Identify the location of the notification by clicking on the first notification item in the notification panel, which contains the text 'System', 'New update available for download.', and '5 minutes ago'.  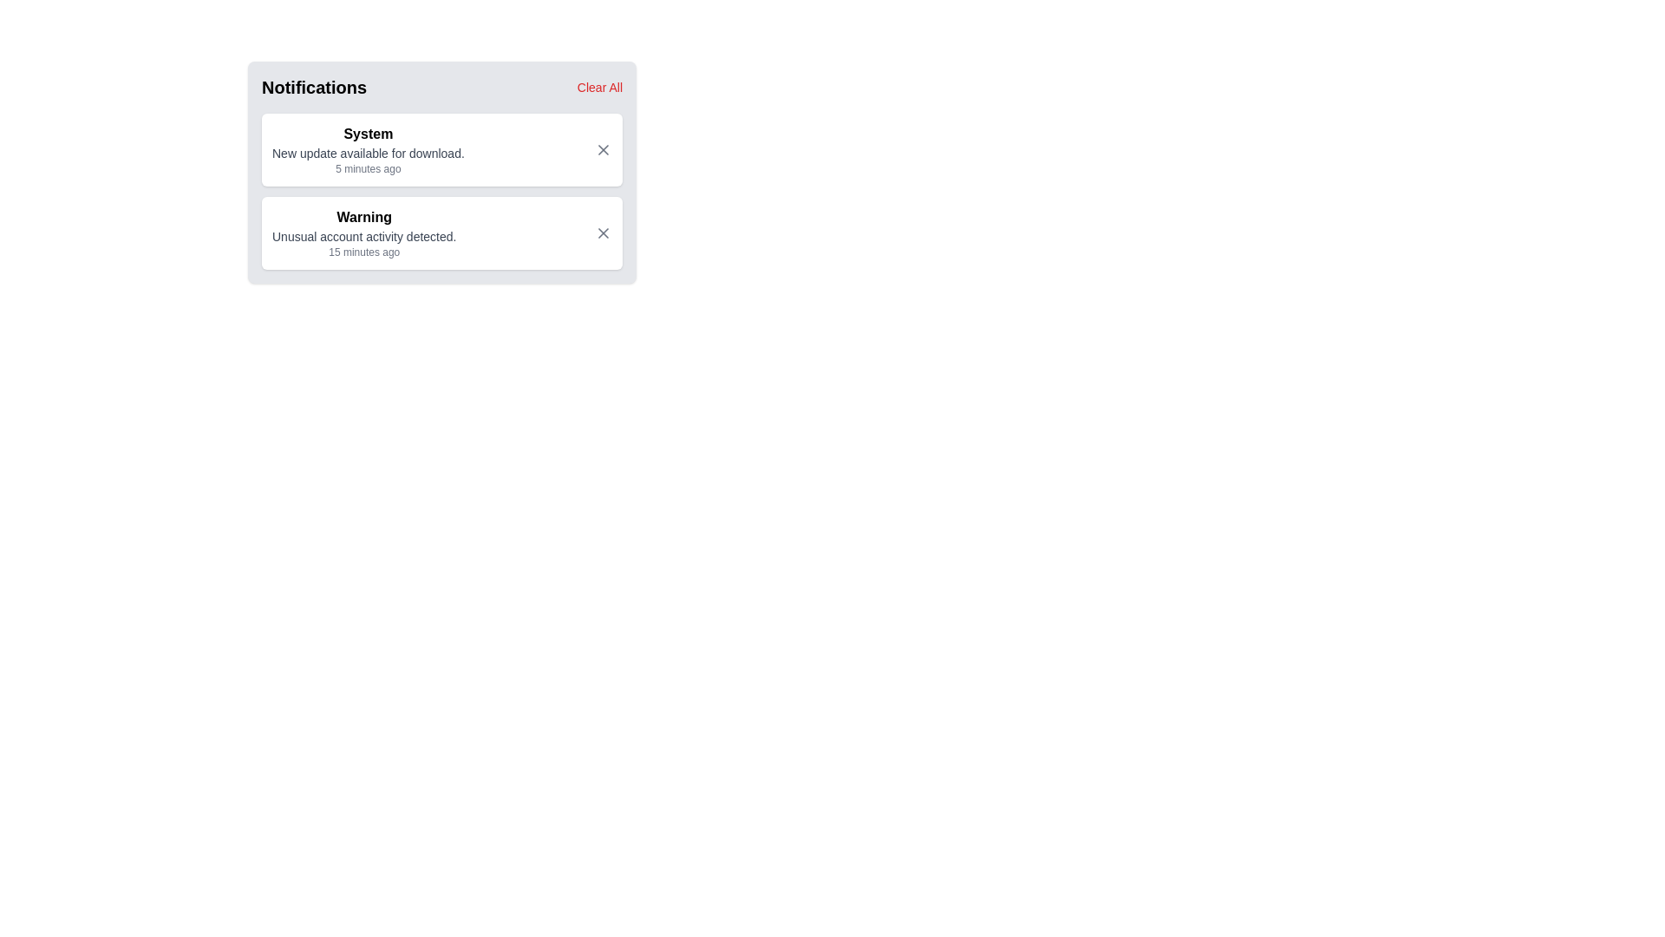
(367, 149).